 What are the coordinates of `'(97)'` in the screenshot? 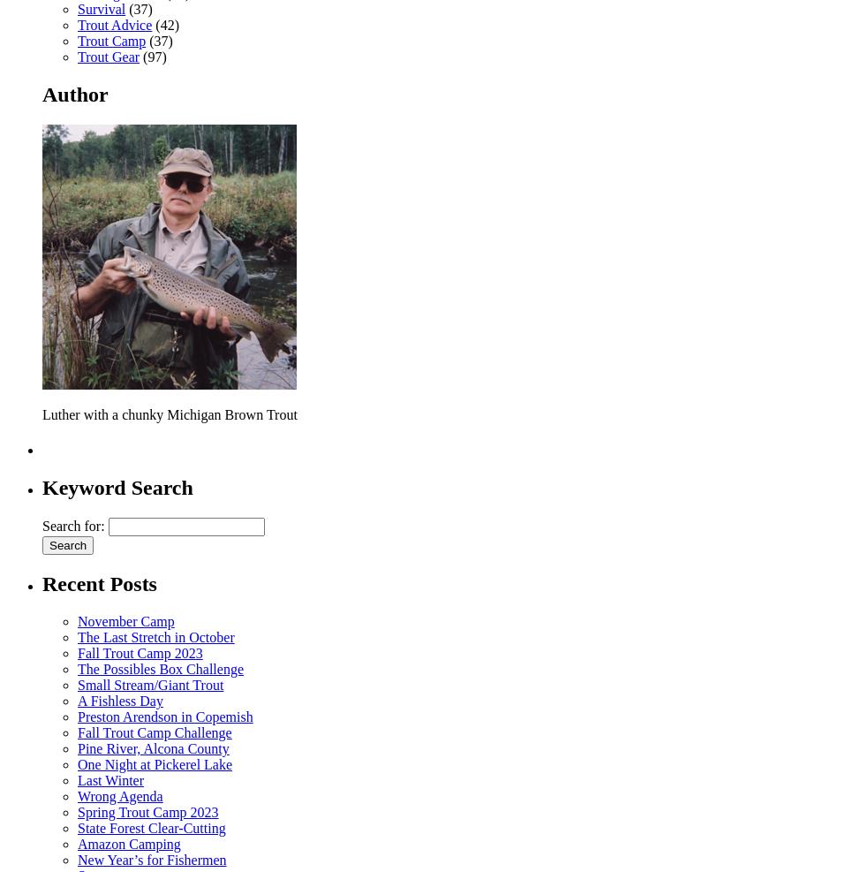 It's located at (152, 56).